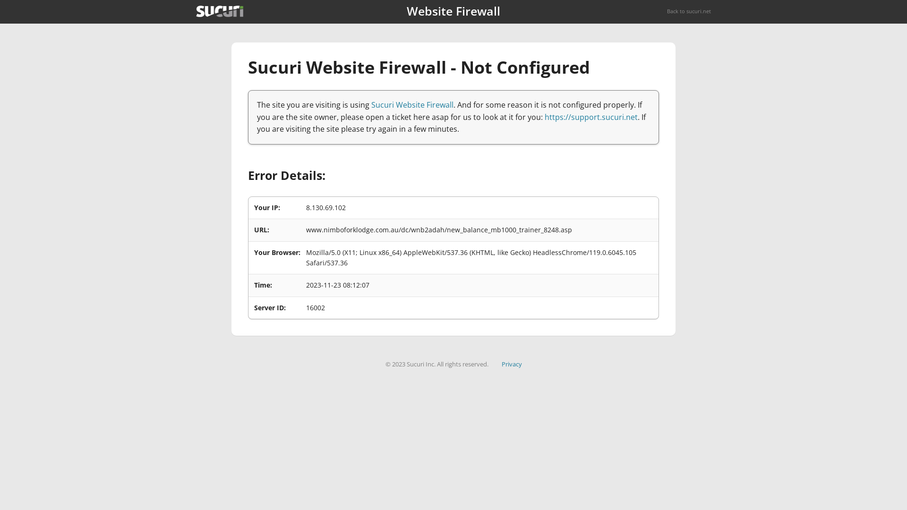 The width and height of the screenshot is (907, 510). Describe the element at coordinates (501, 364) in the screenshot. I see `'Privacy'` at that location.